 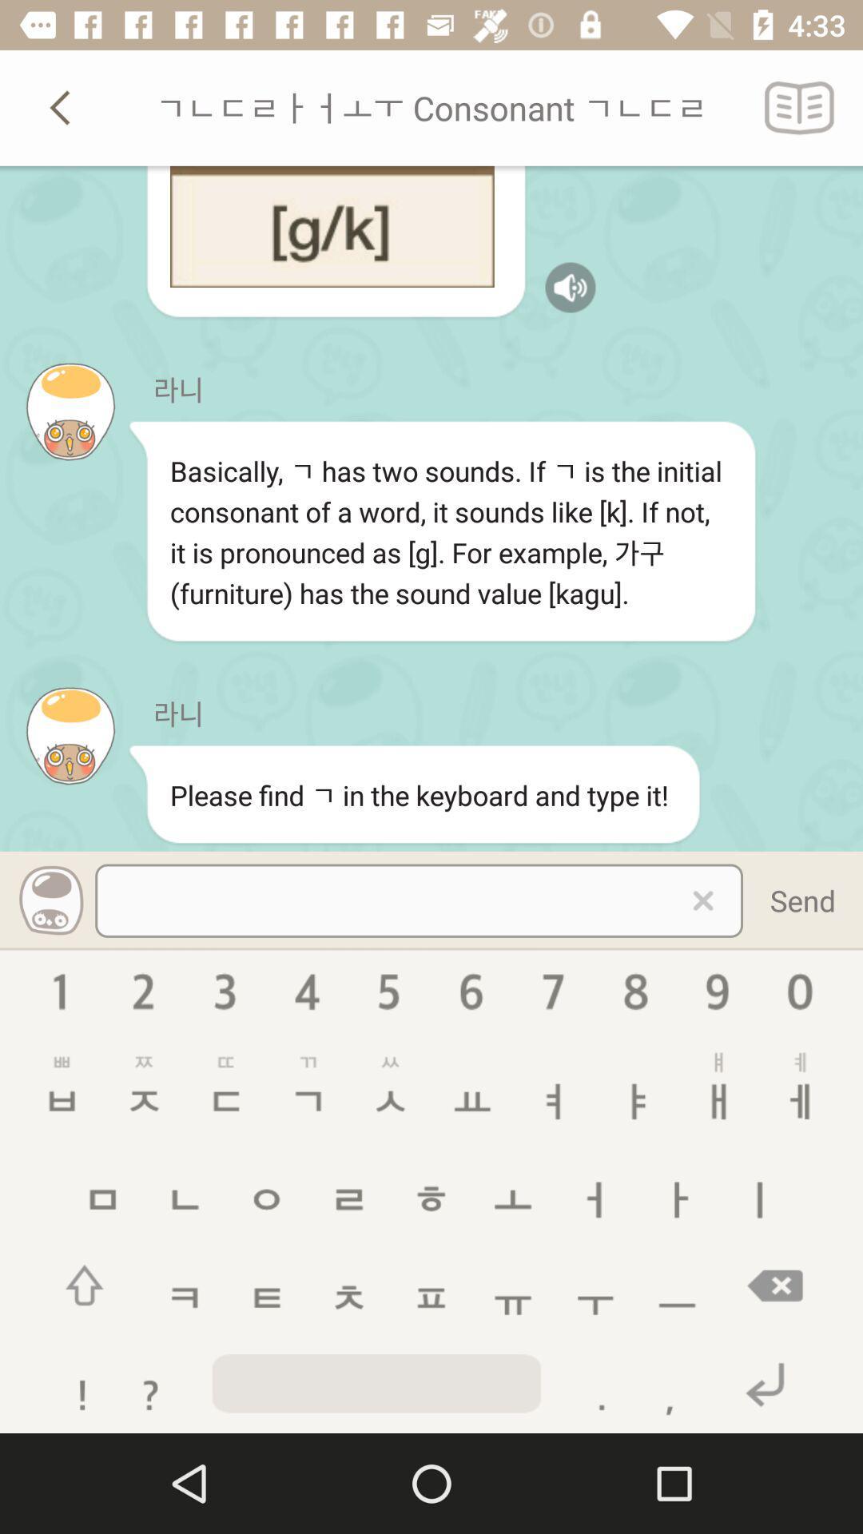 I want to click on the undo icon, so click(x=266, y=1187).